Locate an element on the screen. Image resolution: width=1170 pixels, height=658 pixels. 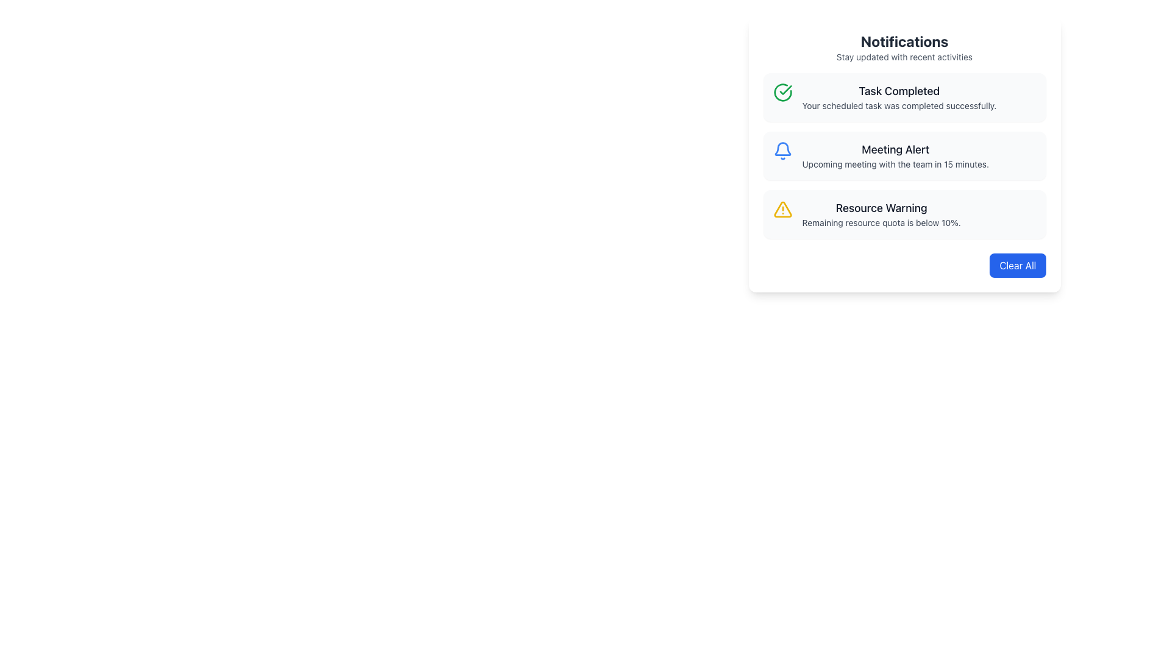
the checkmark icon component inside the green circular icon to the left of the 'Task Completed' notification is located at coordinates (785, 89).